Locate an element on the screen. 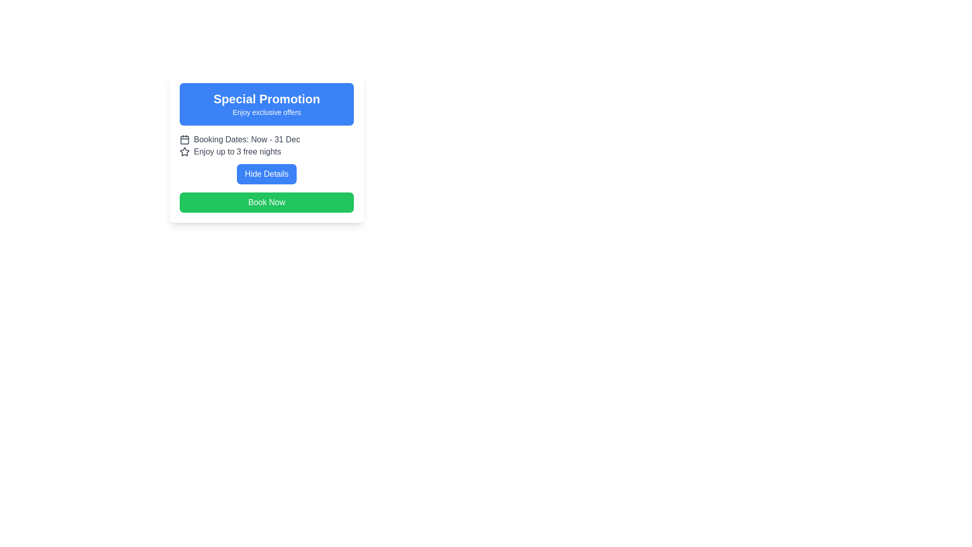  the promotional text label with an associated icon located below the 'Booking Dates: Now - 31 Dec' text, which is the second line of text in the promotional block, directly above the 'Hide Details' button is located at coordinates (267, 152).